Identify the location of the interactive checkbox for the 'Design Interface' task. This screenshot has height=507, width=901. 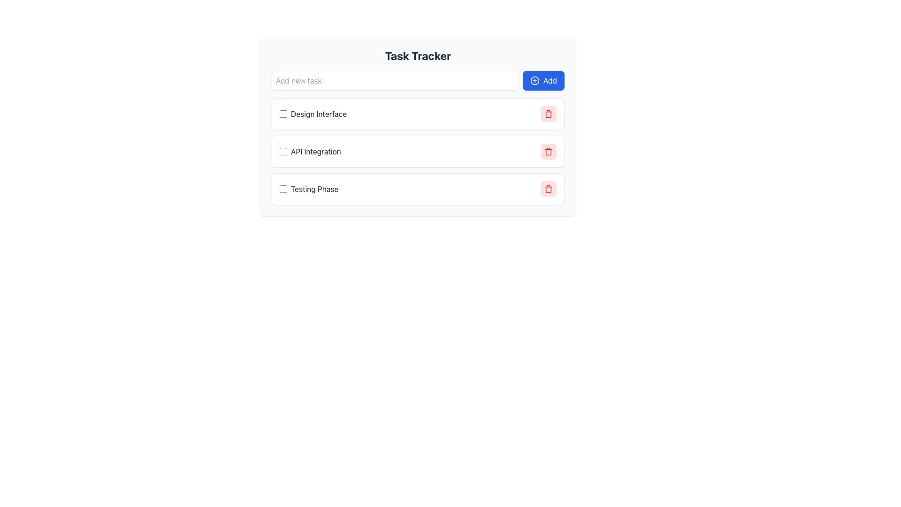
(283, 114).